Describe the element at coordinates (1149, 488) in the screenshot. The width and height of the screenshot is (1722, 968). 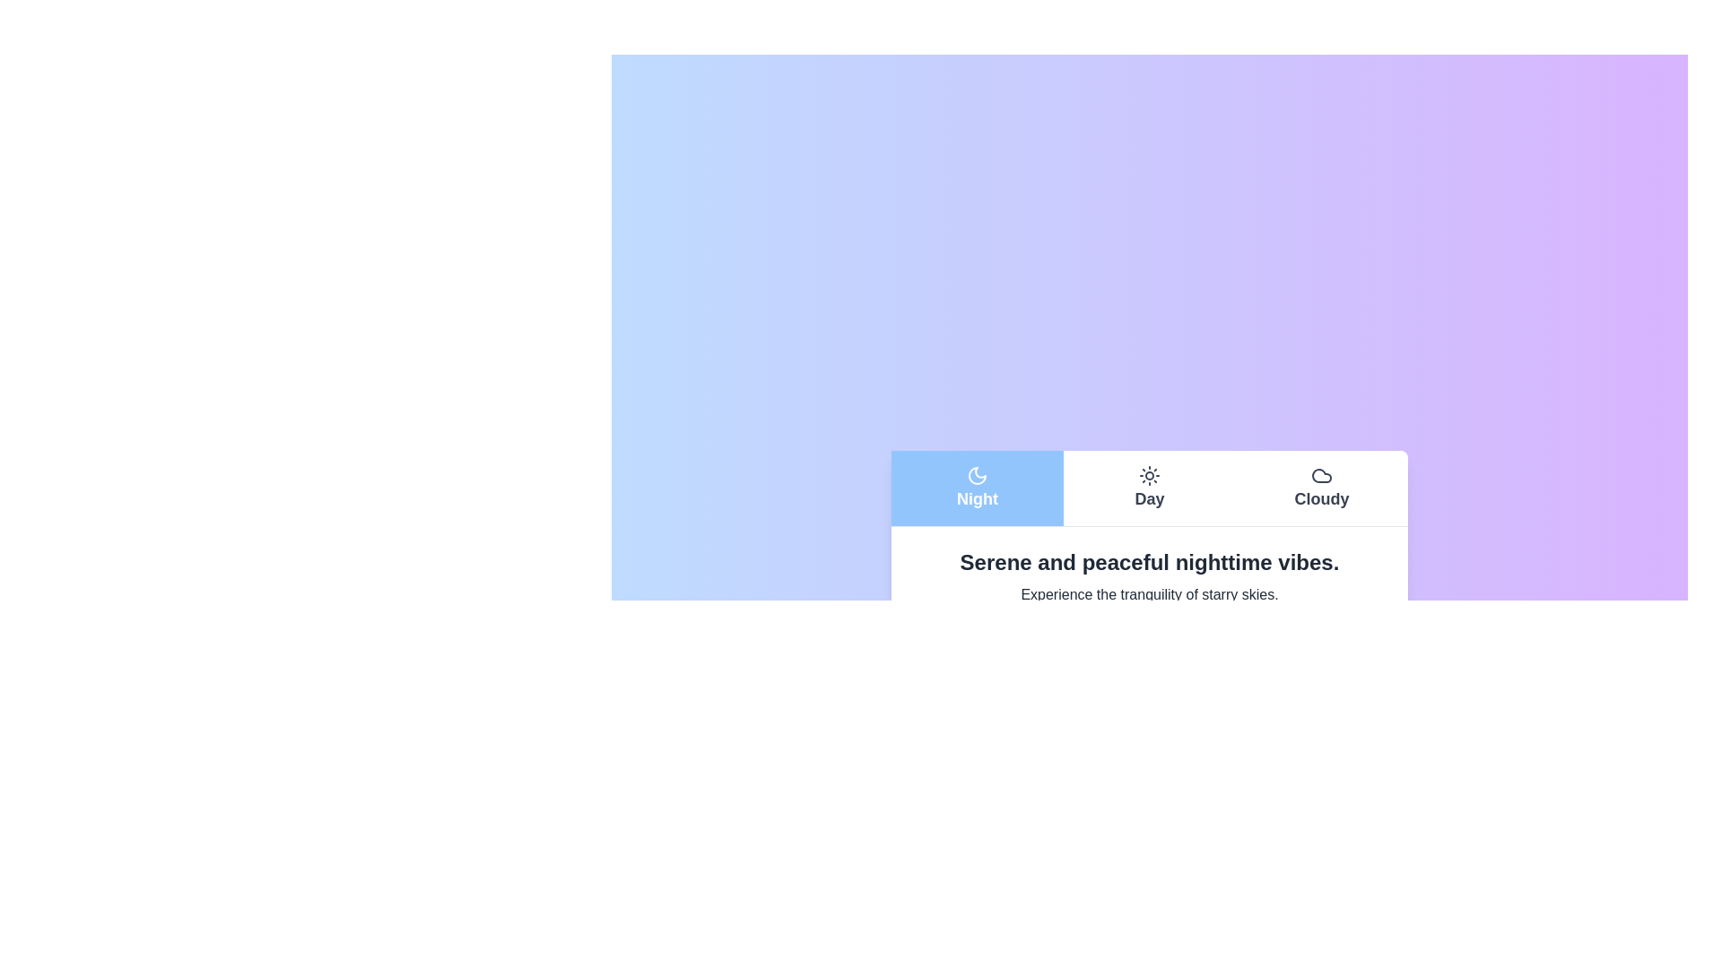
I see `the Day tab by clicking on it` at that location.